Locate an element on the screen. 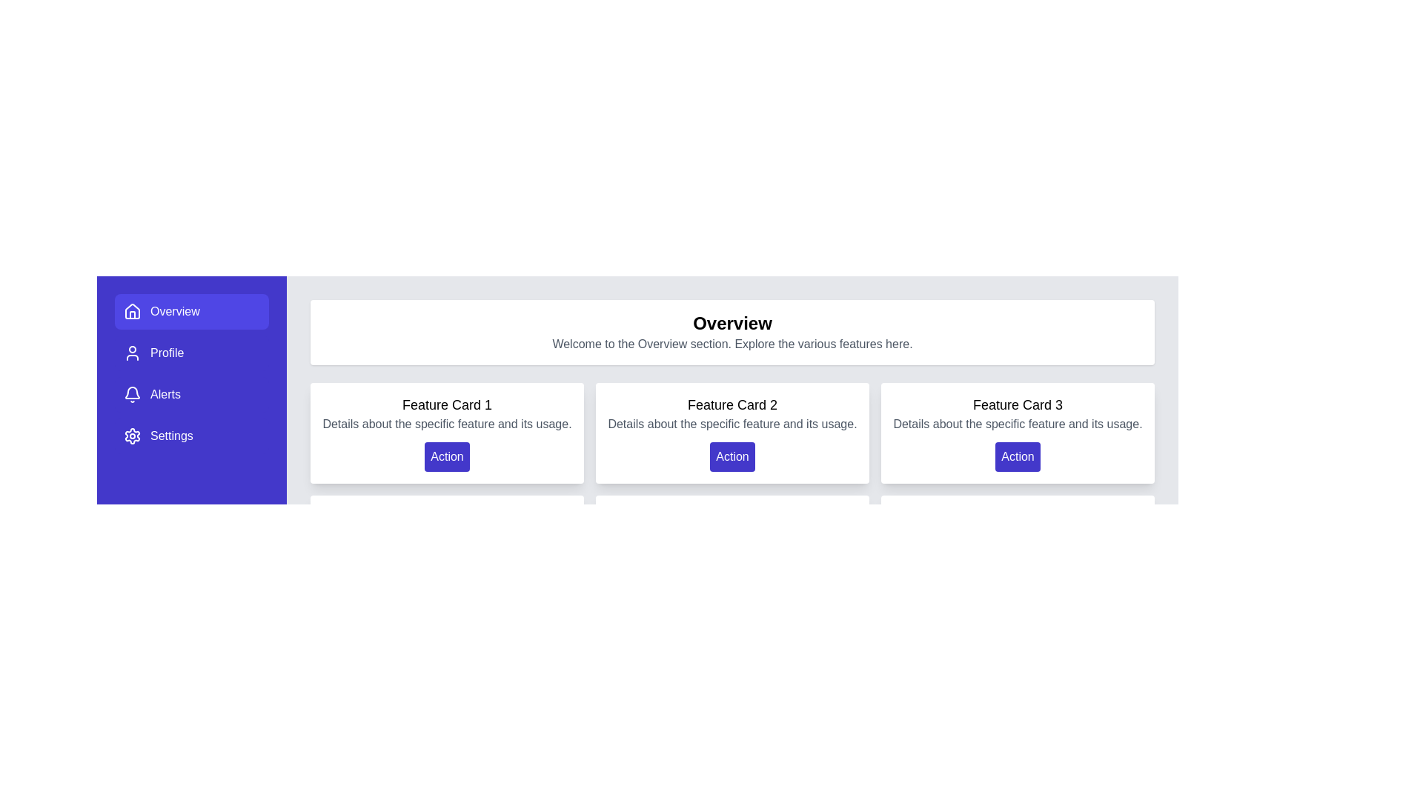  the icon located in the vertical navigation sidebar, specifically the fourth menu item labeled 'Settings' is located at coordinates (132, 436).